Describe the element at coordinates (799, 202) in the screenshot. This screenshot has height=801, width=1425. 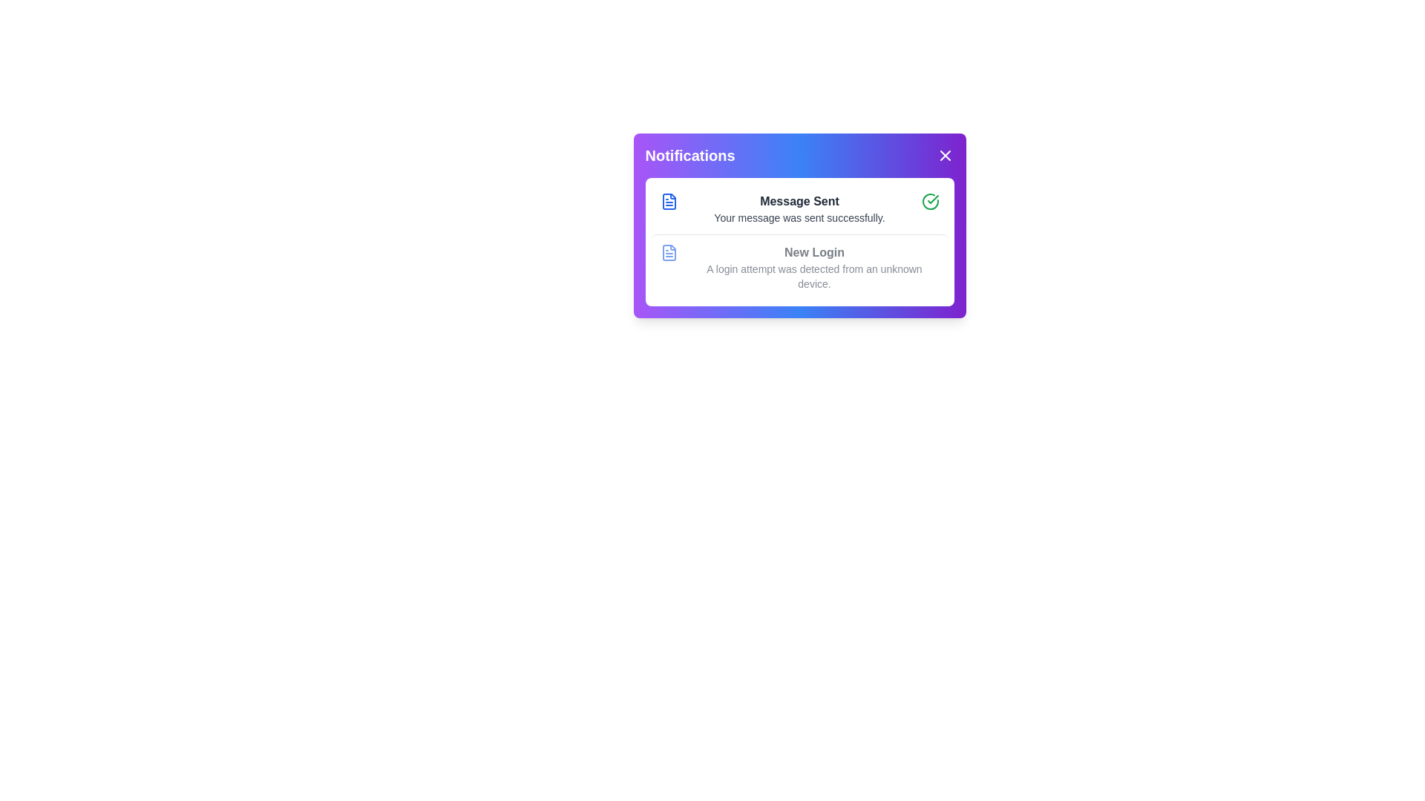
I see `text displayed in the 'Message Sent' text label, which is bold and dark gray, located at the top of the notification card` at that location.